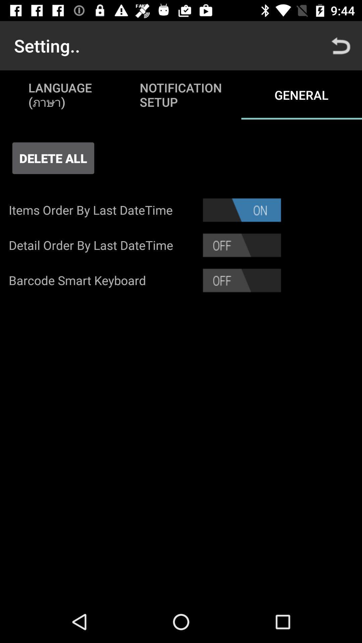  What do you see at coordinates (341, 45) in the screenshot?
I see `the app next to notification` at bounding box center [341, 45].